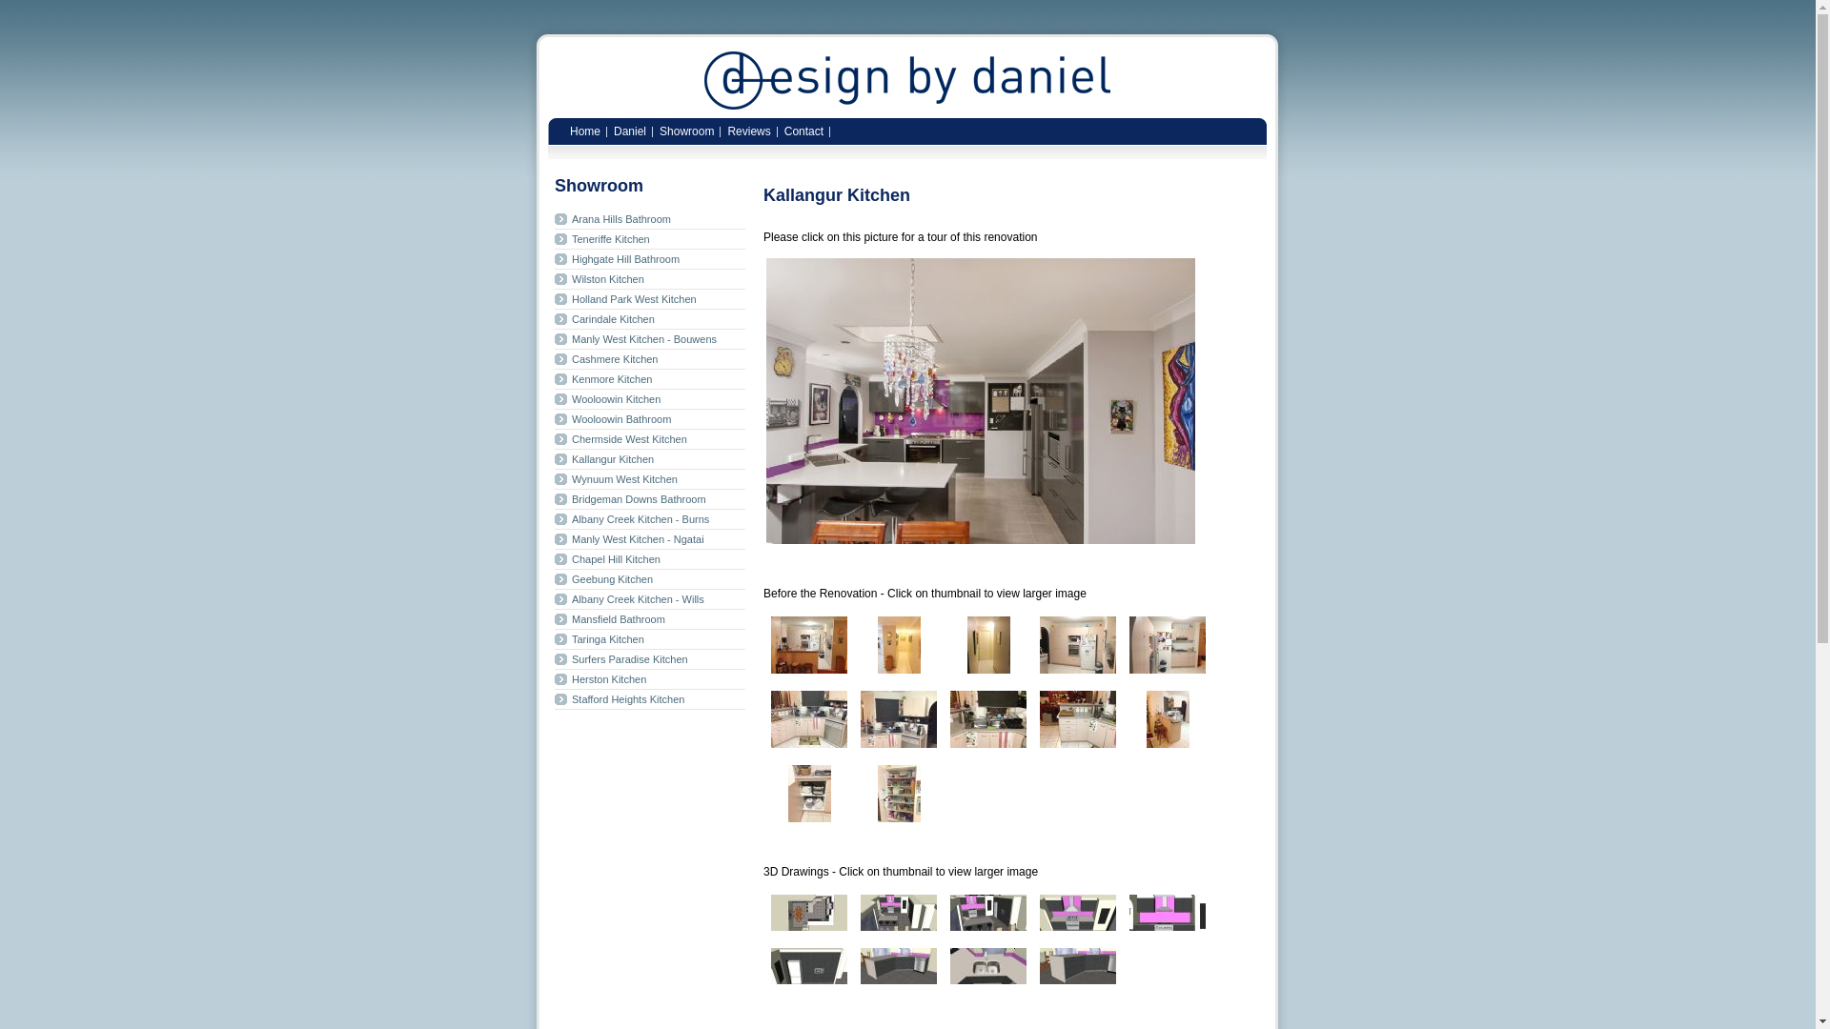 This screenshot has width=1830, height=1029. Describe the element at coordinates (649, 539) in the screenshot. I see `'Manly West Kitchen - Ngatai'` at that location.